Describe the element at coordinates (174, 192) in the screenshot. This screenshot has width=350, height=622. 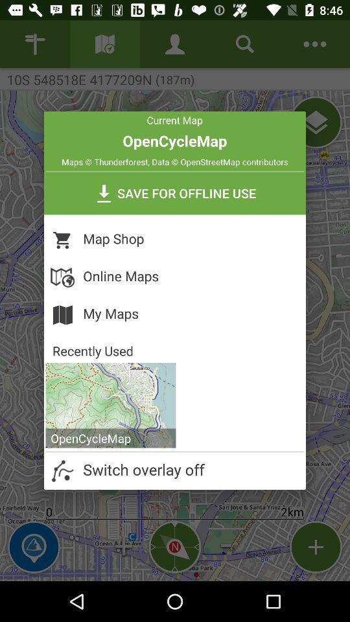
I see `save for offline item` at that location.